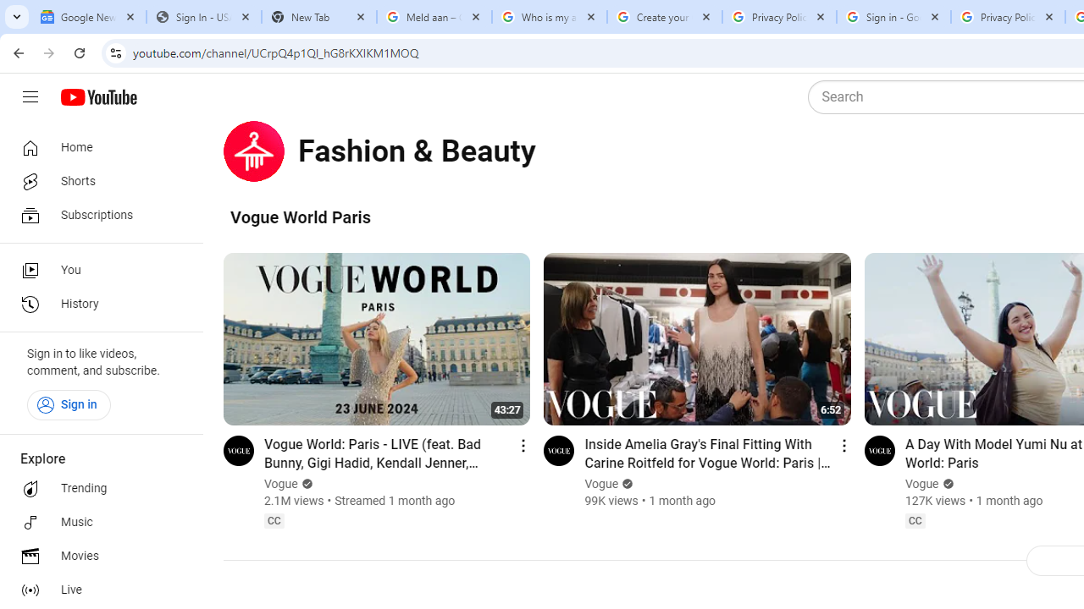 This screenshot has height=609, width=1084. I want to click on 'Closed captions', so click(914, 519).